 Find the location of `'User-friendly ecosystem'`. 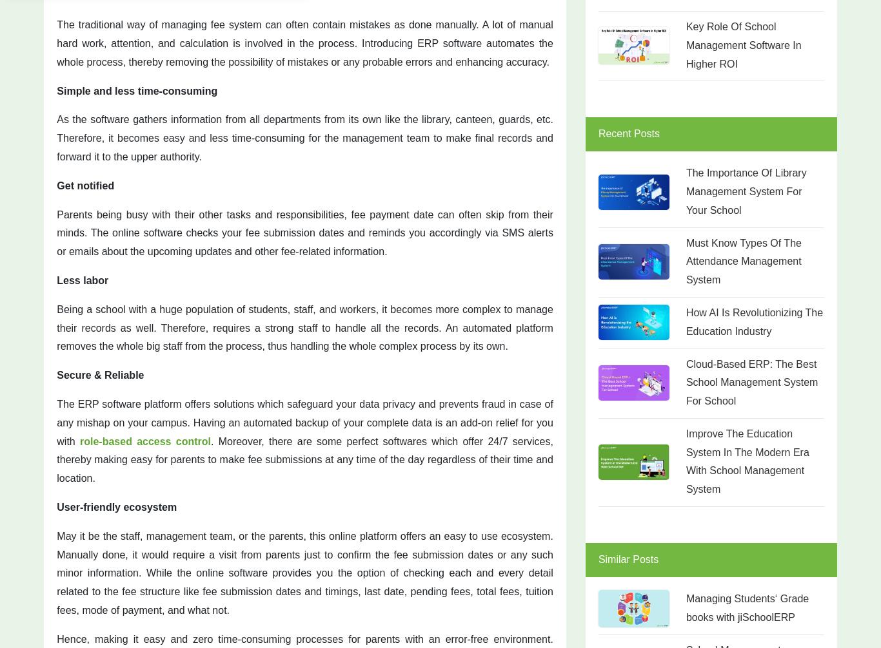

'User-friendly ecosystem' is located at coordinates (115, 506).